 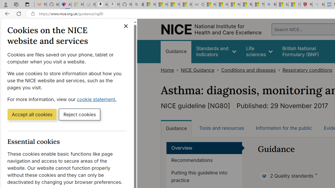 What do you see at coordinates (306, 4) in the screenshot?
I see `'Robert H. Shmerling, MD - Harvard Health'` at bounding box center [306, 4].